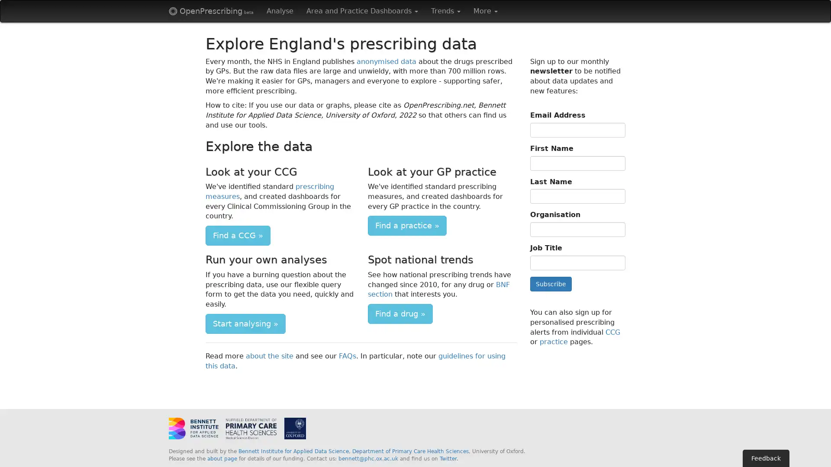 This screenshot has width=831, height=467. I want to click on Subscribe, so click(550, 284).